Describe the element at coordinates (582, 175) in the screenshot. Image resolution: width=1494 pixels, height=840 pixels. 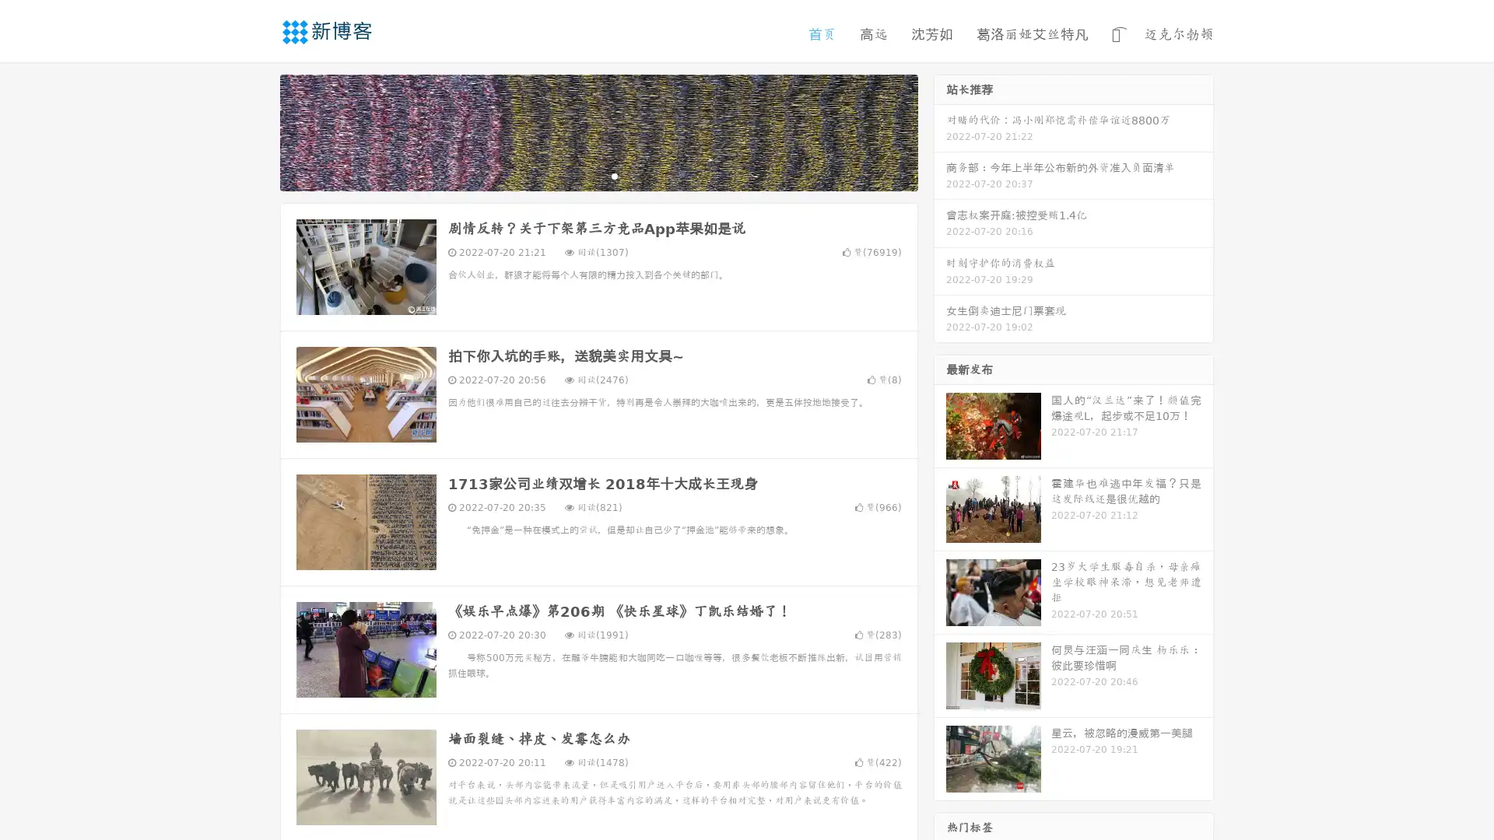
I see `Go to slide 1` at that location.